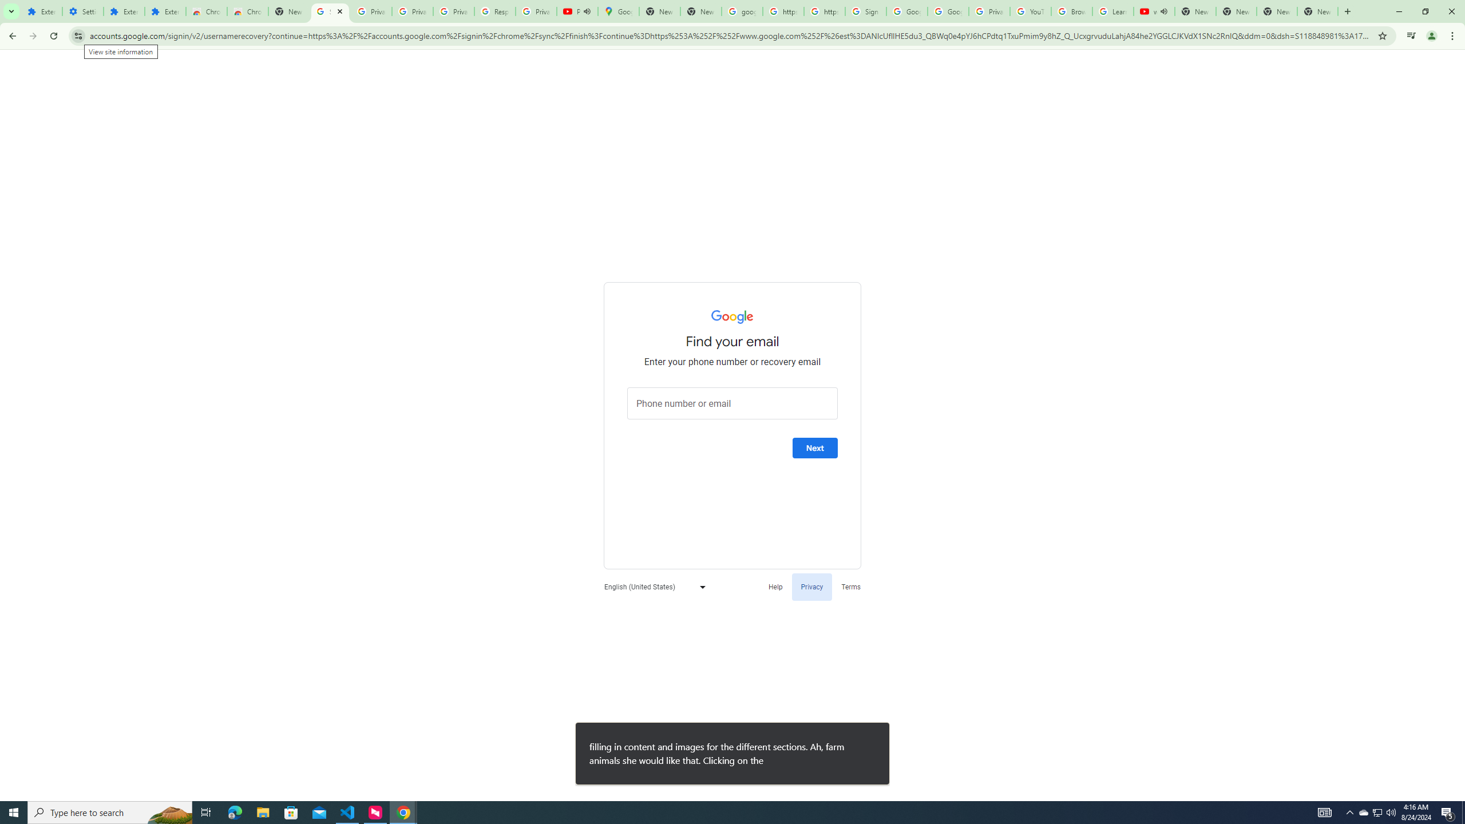 This screenshot has width=1465, height=824. I want to click on 'Sign in - Google Accounts', so click(865, 11).